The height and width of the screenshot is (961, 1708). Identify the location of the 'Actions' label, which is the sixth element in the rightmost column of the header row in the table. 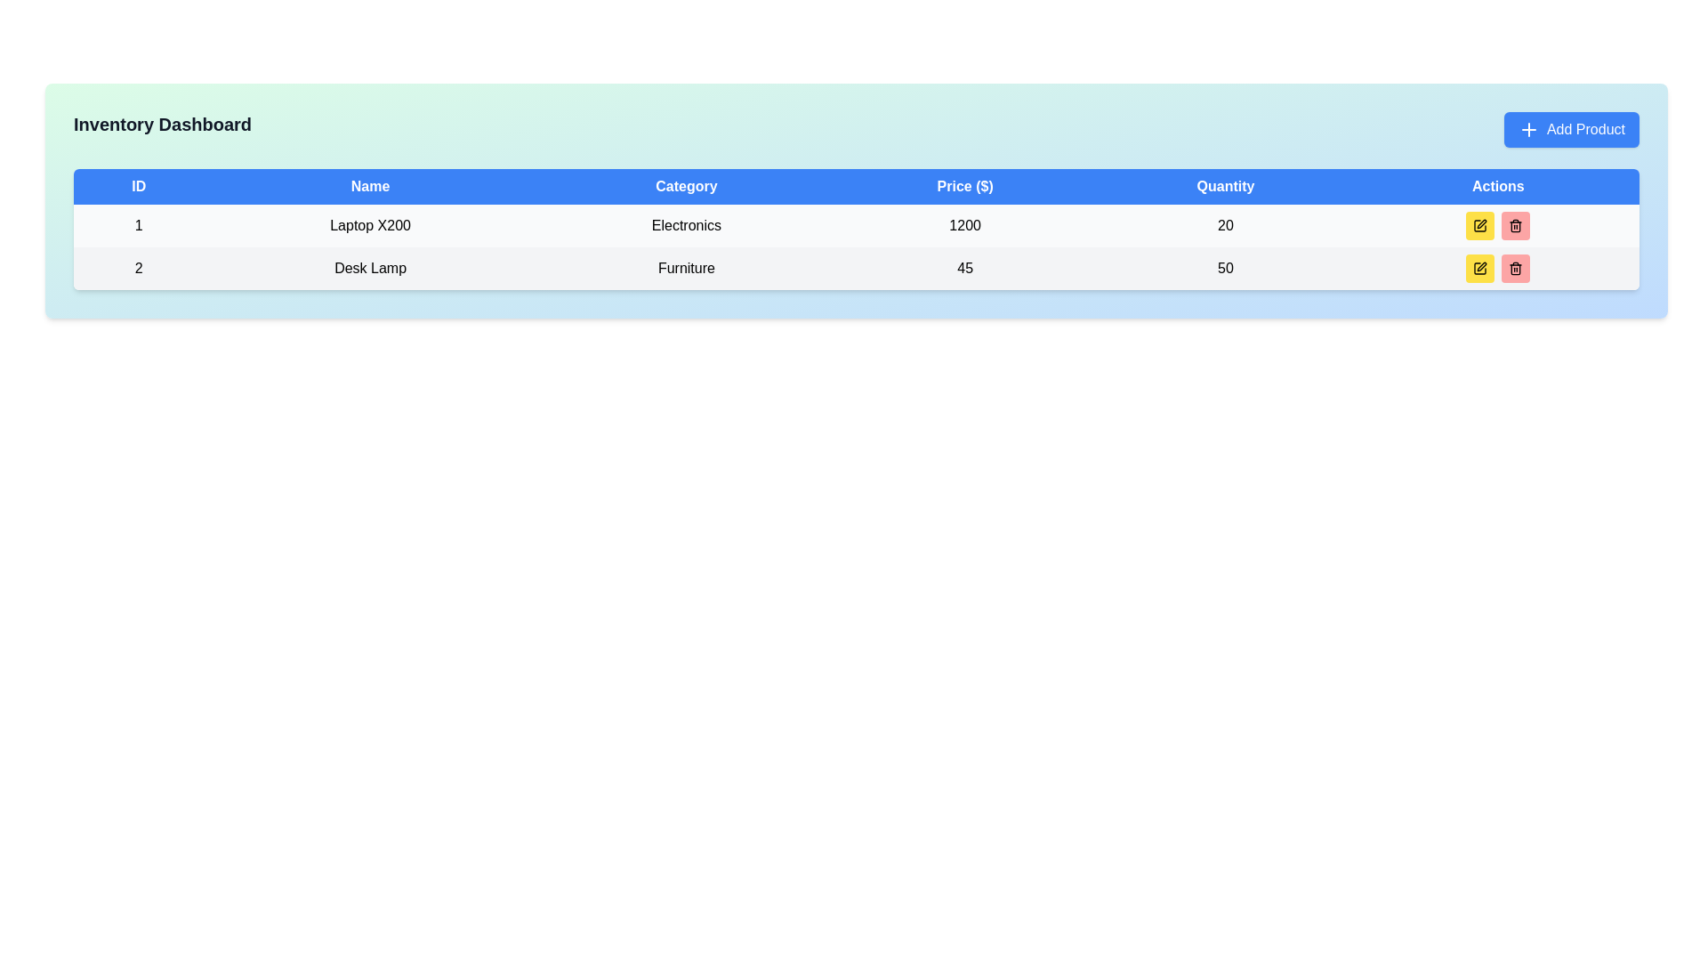
(1497, 186).